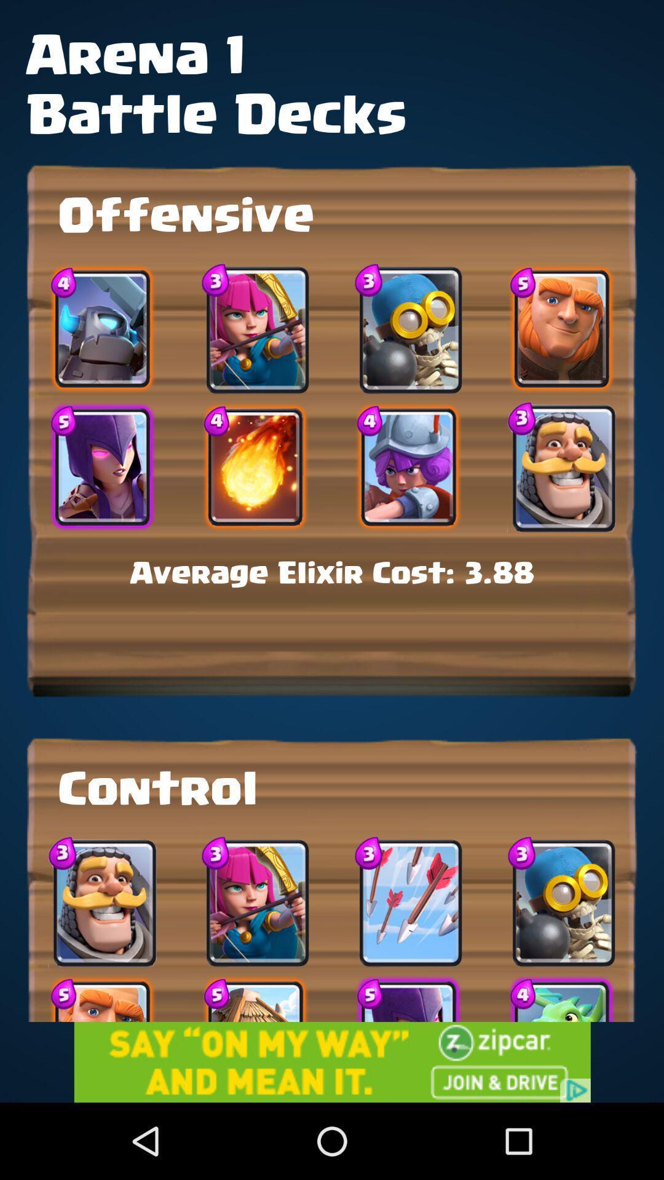  I want to click on click advertisement, so click(332, 1061).